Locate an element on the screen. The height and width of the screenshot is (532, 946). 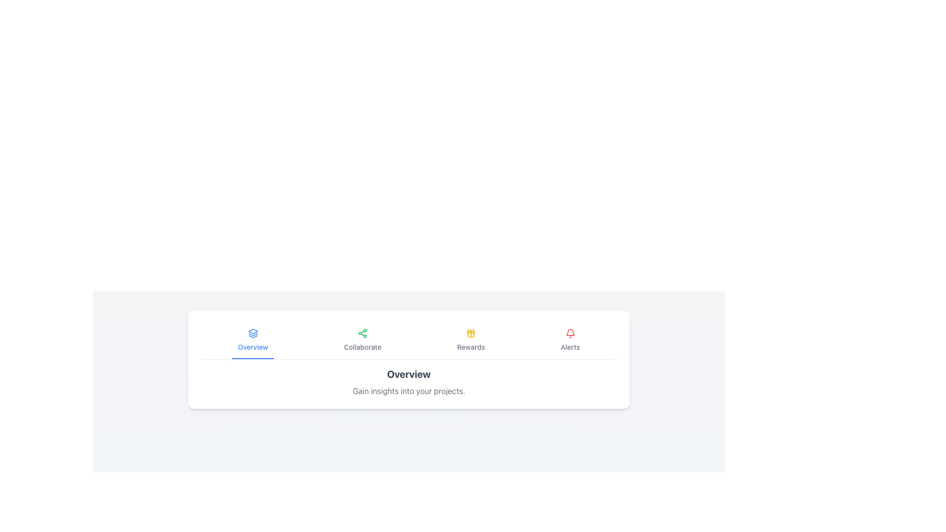
the 'Collaborate' button, which features a green icon with three connected nodes and the text 'Collaborate' in medium gray below it is located at coordinates (362, 340).